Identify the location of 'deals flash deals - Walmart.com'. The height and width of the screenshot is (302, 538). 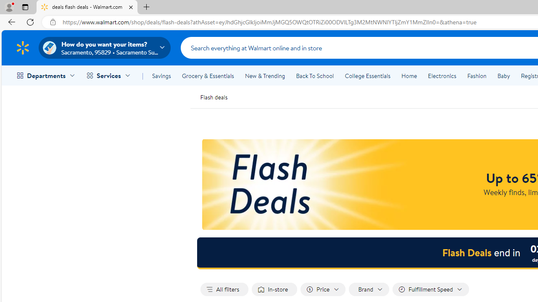
(87, 7).